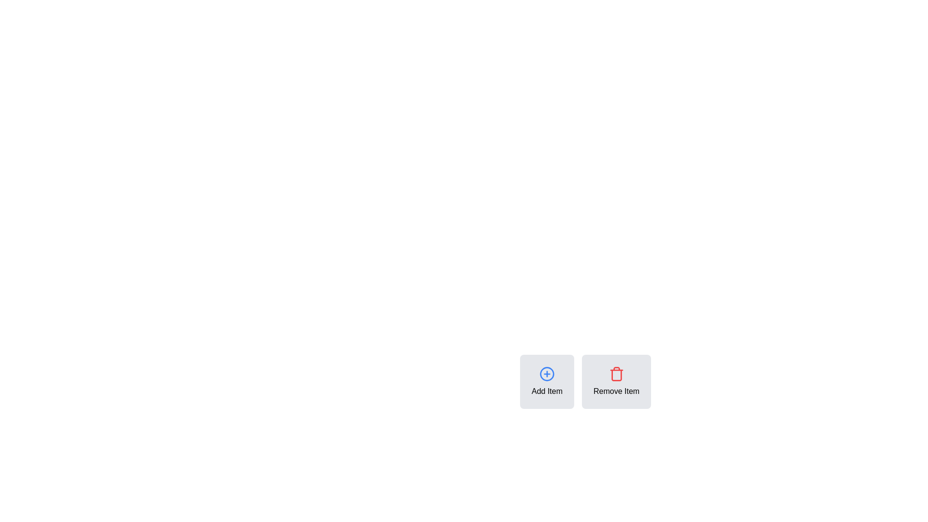 The image size is (928, 522). What do you see at coordinates (547, 381) in the screenshot?
I see `the button on the left side of the layout to initiate the addition of an item` at bounding box center [547, 381].